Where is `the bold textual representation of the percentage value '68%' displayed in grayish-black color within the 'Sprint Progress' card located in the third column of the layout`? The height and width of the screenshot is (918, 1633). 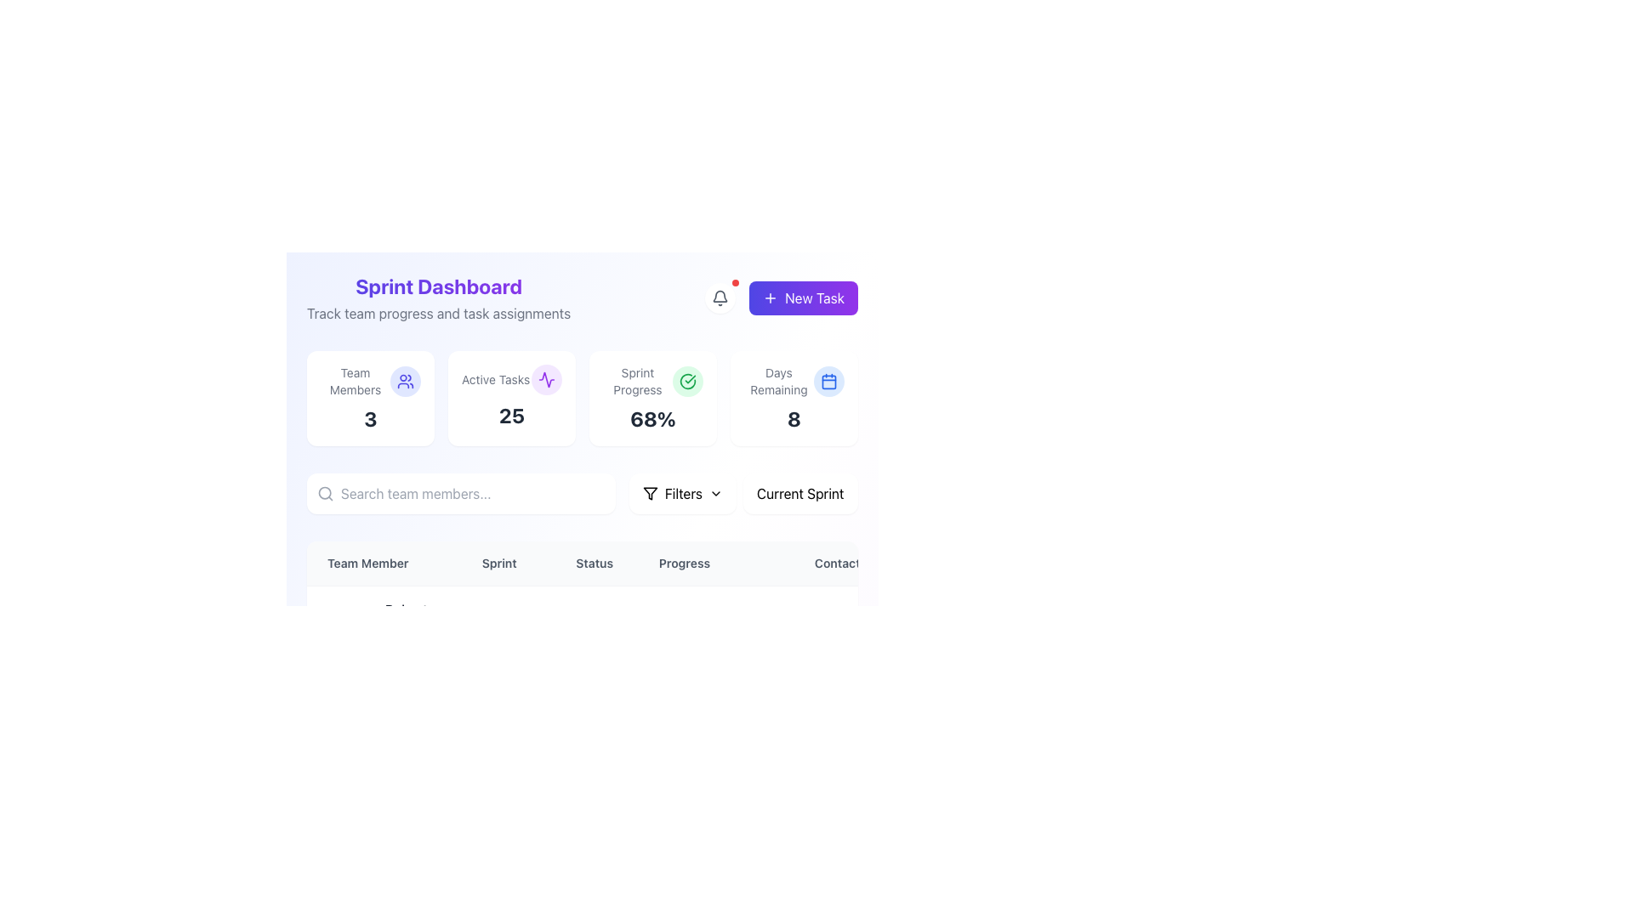
the bold textual representation of the percentage value '68%' displayed in grayish-black color within the 'Sprint Progress' card located in the third column of the layout is located at coordinates (652, 419).